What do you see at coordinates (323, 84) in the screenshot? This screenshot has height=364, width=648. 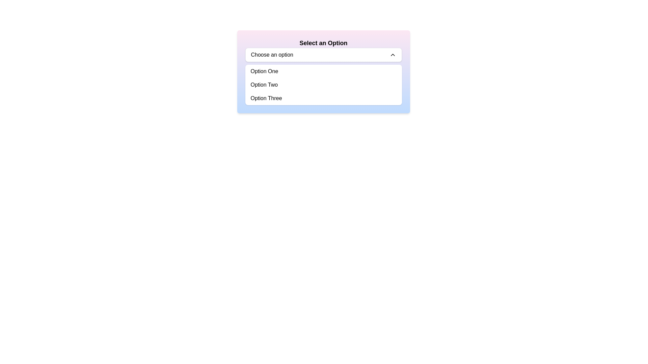 I see `the Dropdown menu option list` at bounding box center [323, 84].